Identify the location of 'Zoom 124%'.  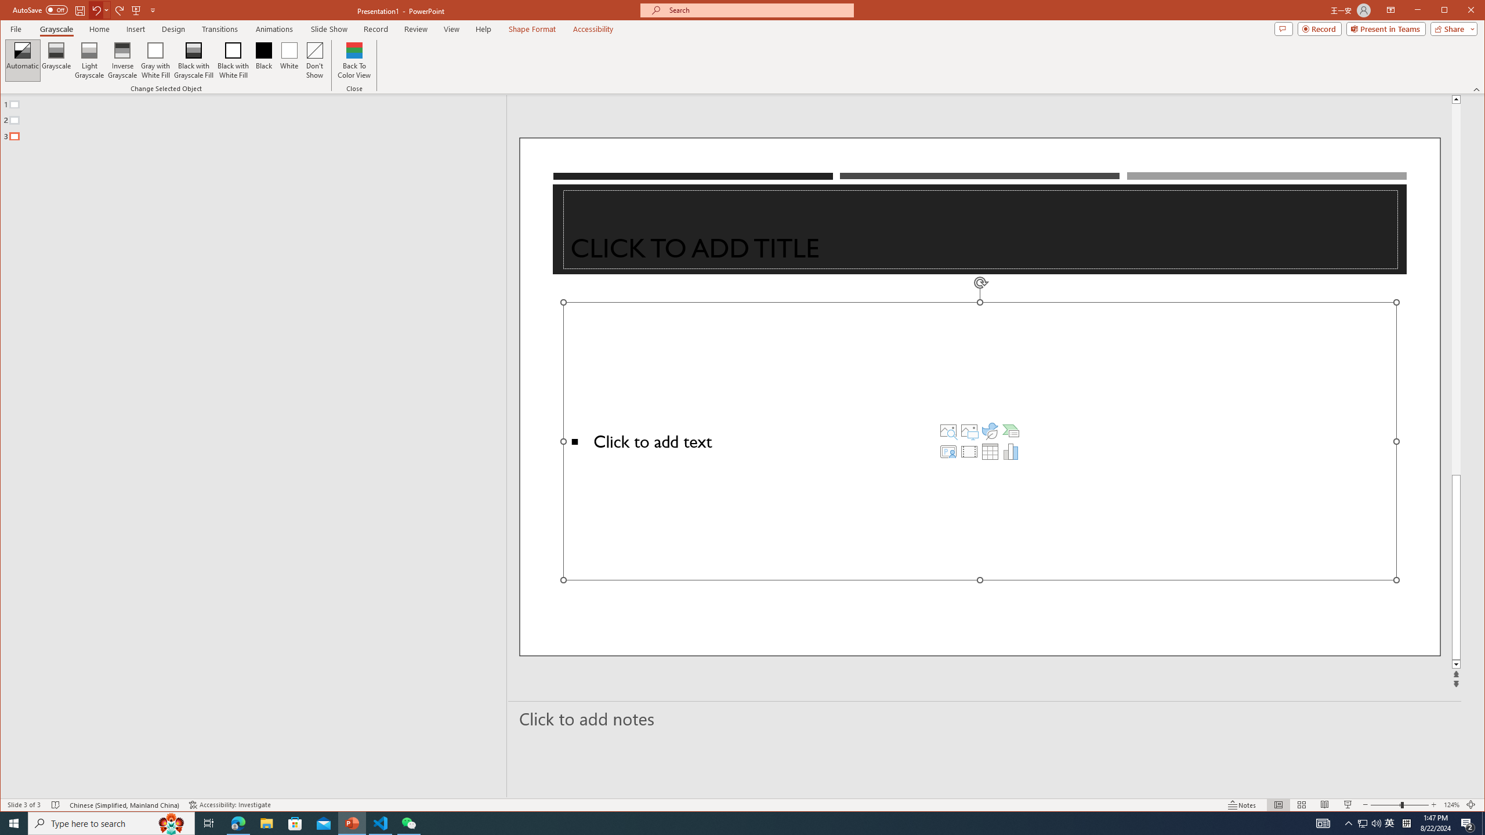
(1451, 804).